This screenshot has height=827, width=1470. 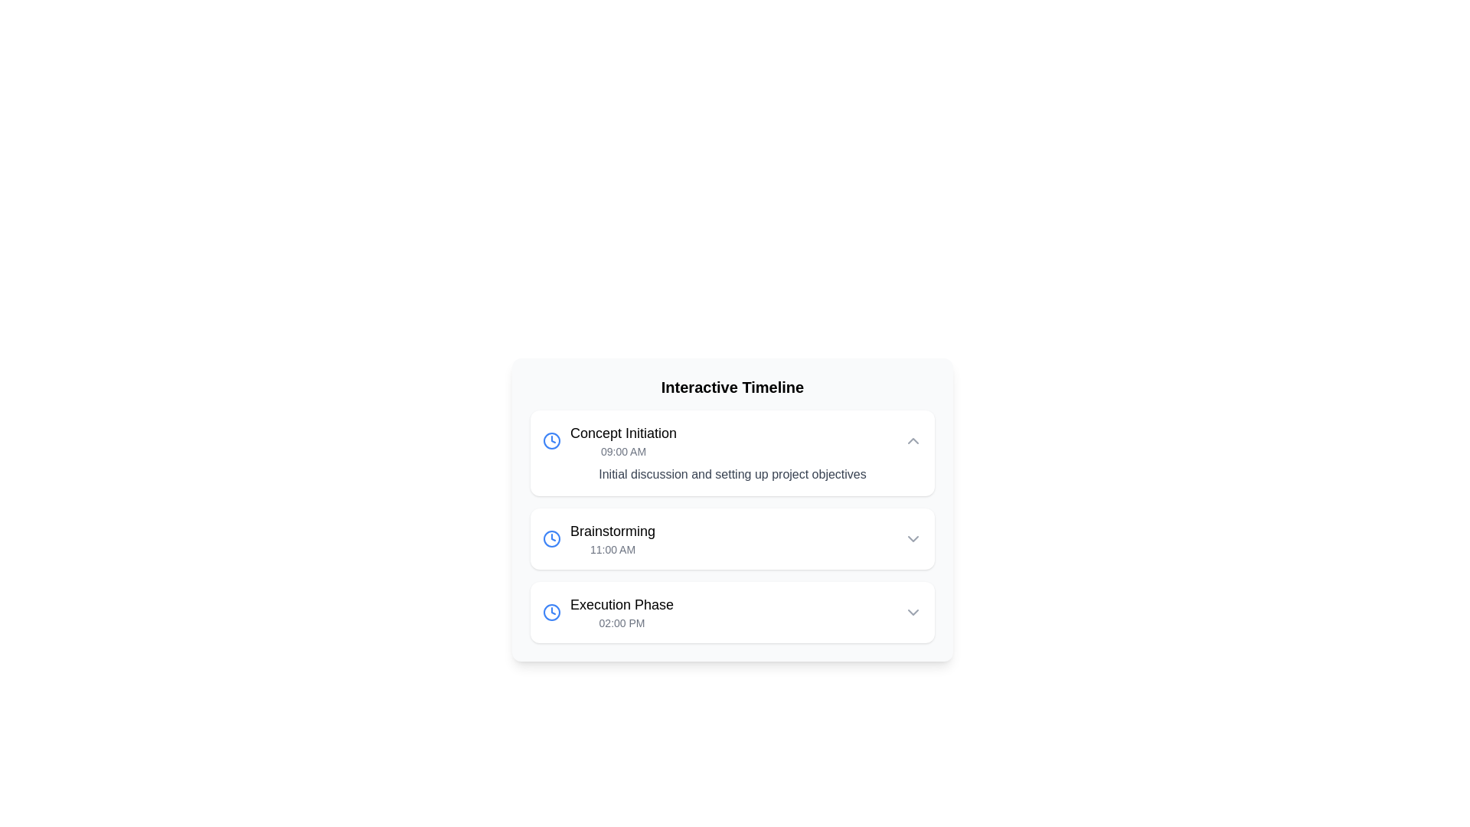 I want to click on the text label with an icon that displays the title and scheduled time for a timeline event, located at the top of the 'Interactive Timeline' list, so click(x=609, y=440).